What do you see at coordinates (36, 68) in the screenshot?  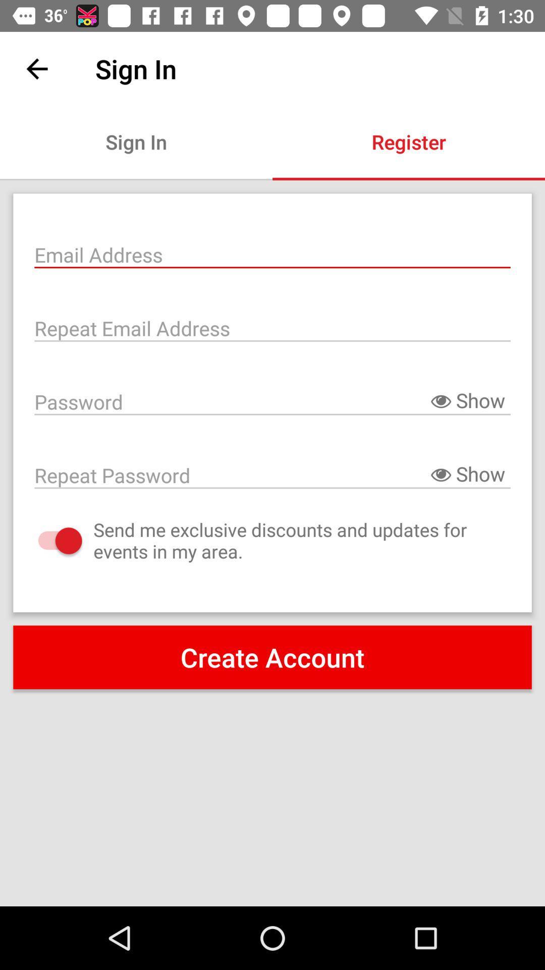 I see `the icon next to sign in` at bounding box center [36, 68].